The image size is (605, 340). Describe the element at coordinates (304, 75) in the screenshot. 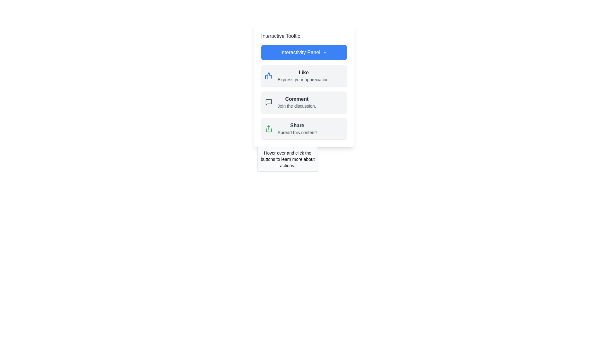

I see `the first button in the vertical list under the header 'Interactive Tooltip'` at that location.